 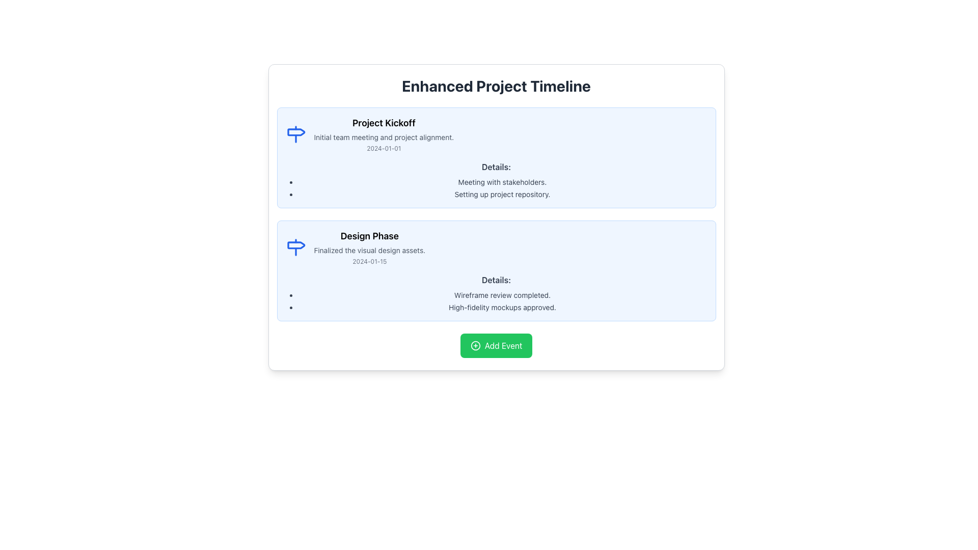 What do you see at coordinates (502, 182) in the screenshot?
I see `the first bullet list item displaying 'Meeting with stakeholders.' within the 'Details' section of the 'Project Kickoff' phase` at bounding box center [502, 182].